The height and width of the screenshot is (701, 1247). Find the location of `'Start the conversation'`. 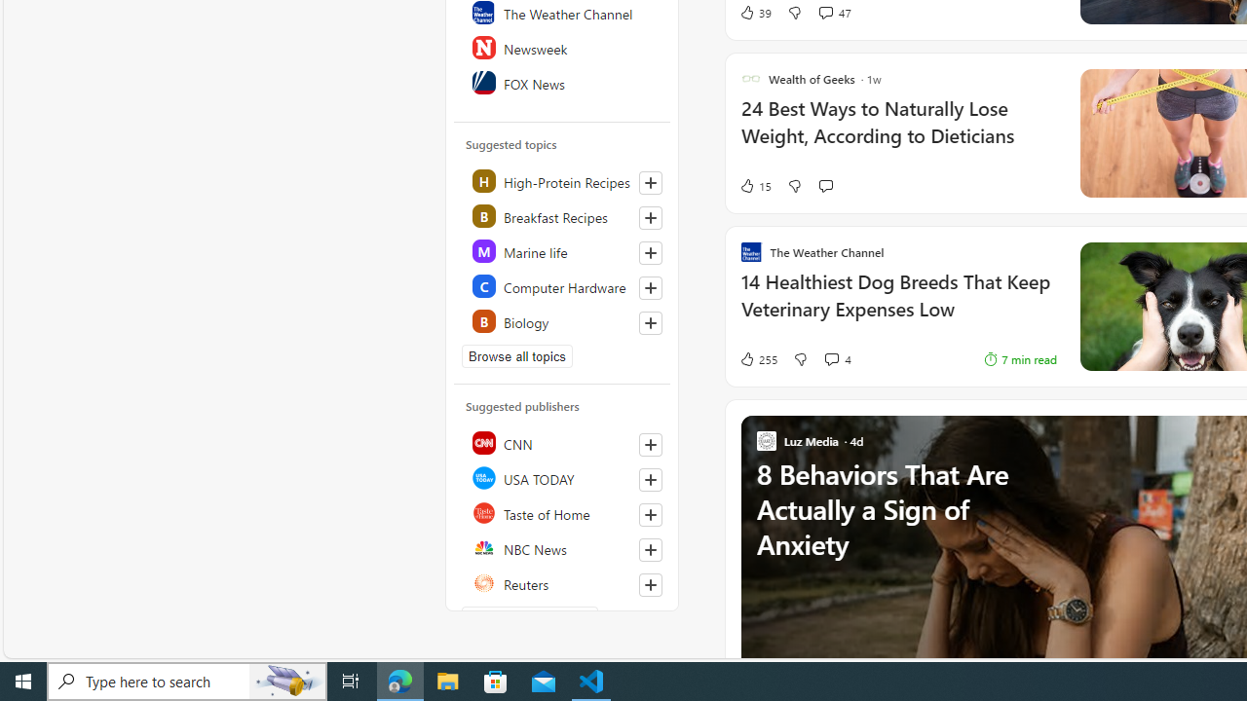

'Start the conversation' is located at coordinates (825, 186).